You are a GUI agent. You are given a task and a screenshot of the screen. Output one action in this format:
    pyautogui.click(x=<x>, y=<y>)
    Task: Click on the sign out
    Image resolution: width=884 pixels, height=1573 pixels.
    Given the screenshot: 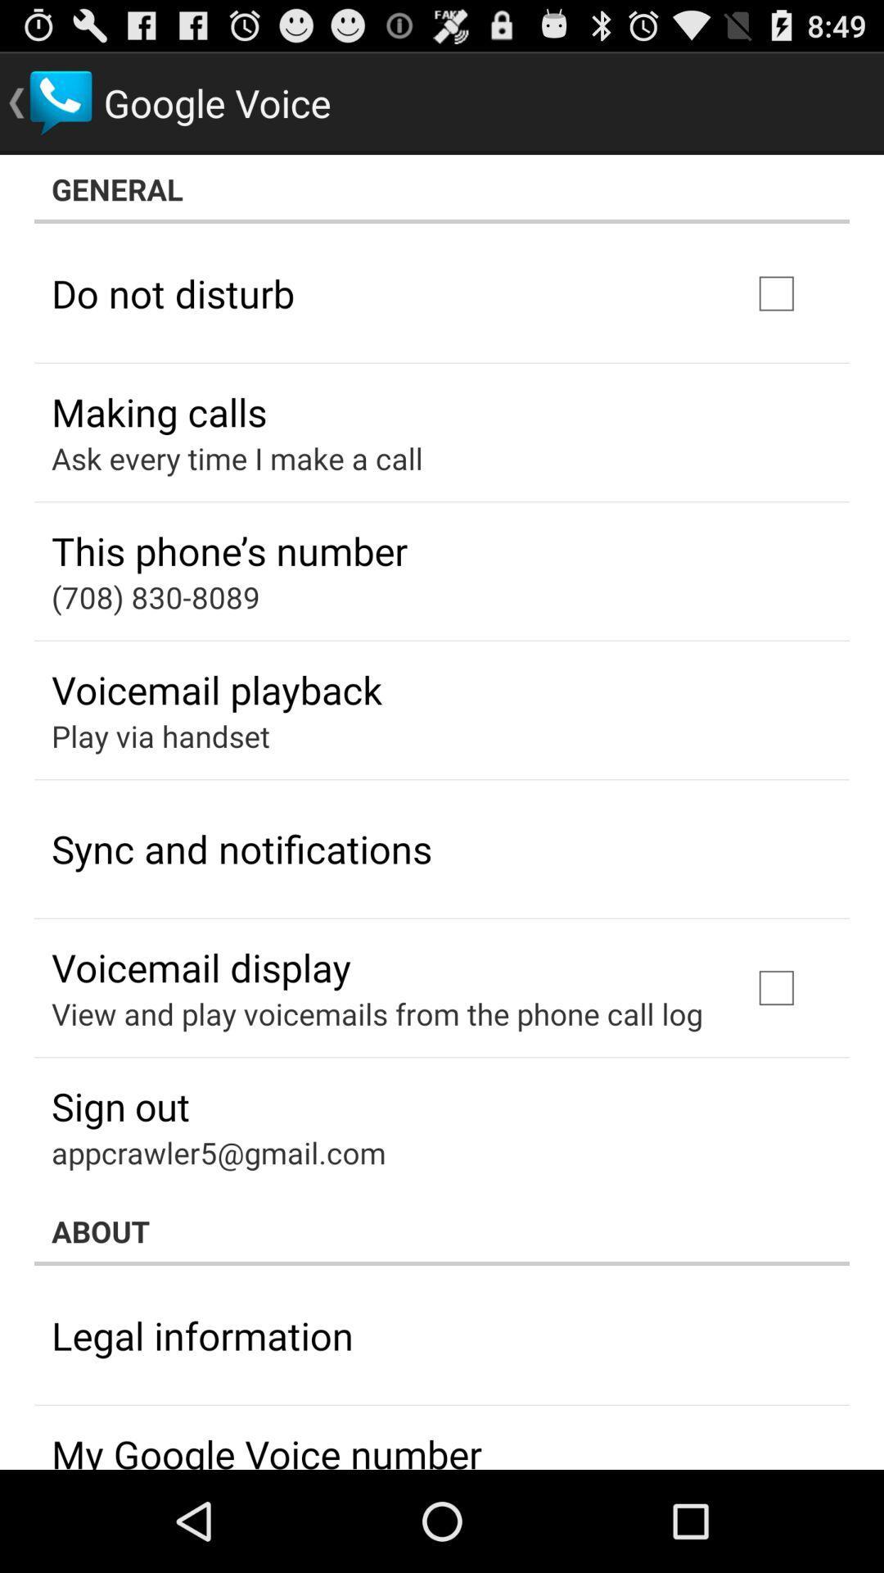 What is the action you would take?
    pyautogui.click(x=120, y=1106)
    